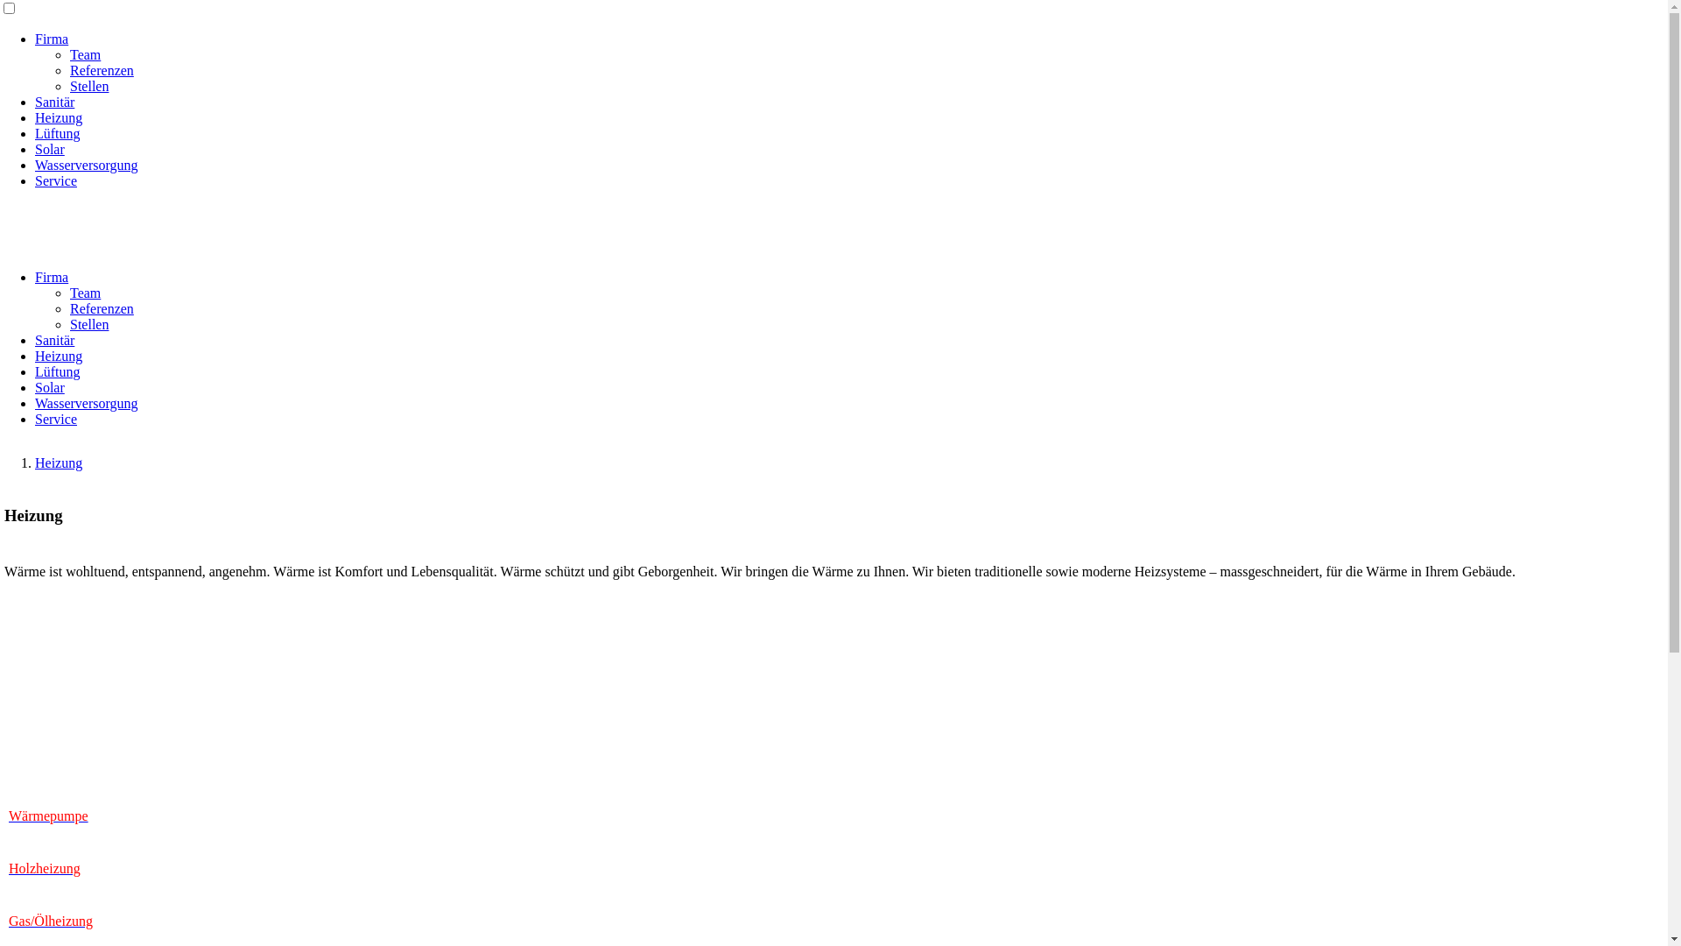  I want to click on 'Wasserversorgung', so click(86, 403).